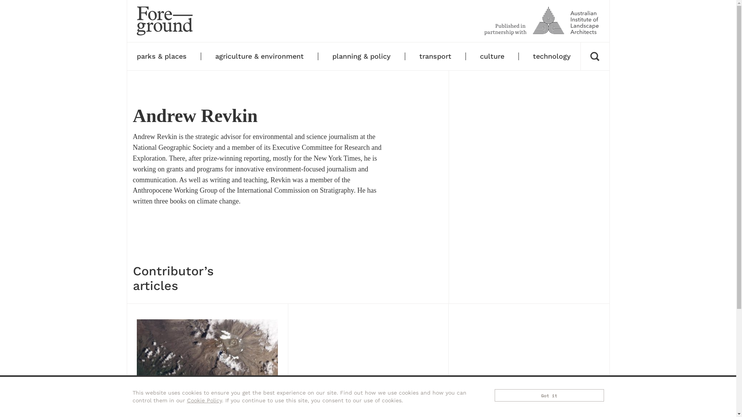  Describe the element at coordinates (495, 395) in the screenshot. I see `'Got it'` at that location.